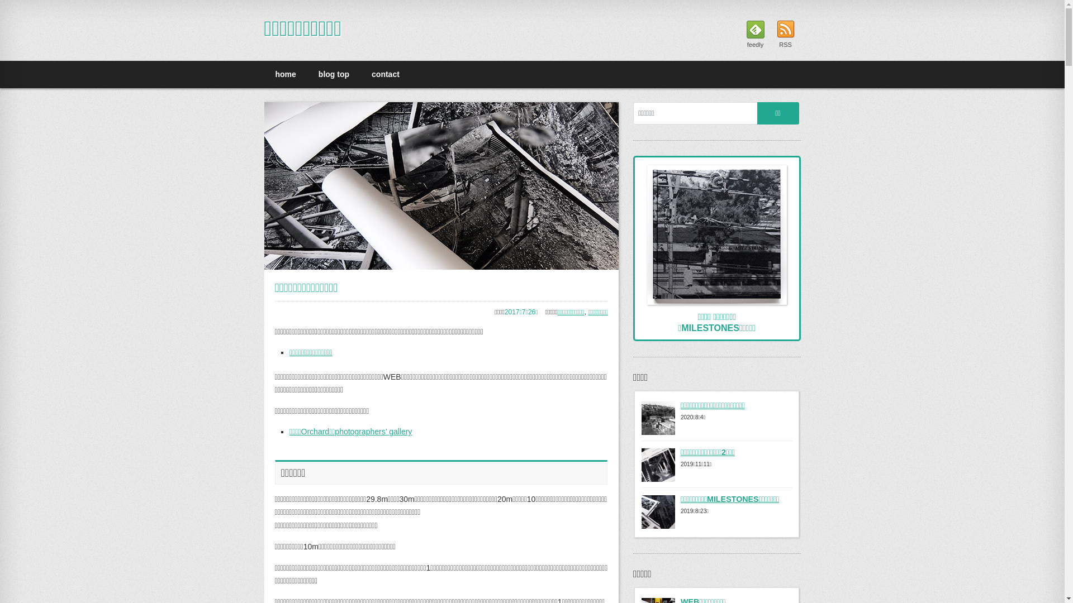  What do you see at coordinates (740, 34) in the screenshot?
I see `'feedly'` at bounding box center [740, 34].